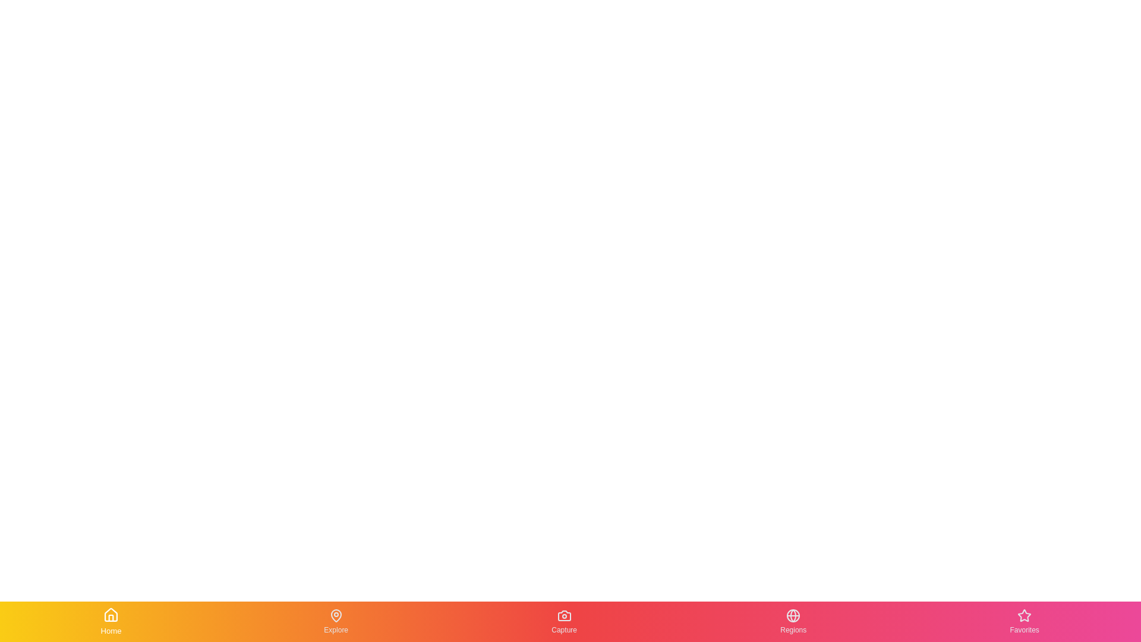  What do you see at coordinates (793, 621) in the screenshot?
I see `the Regions tab in the bottom navigation bar` at bounding box center [793, 621].